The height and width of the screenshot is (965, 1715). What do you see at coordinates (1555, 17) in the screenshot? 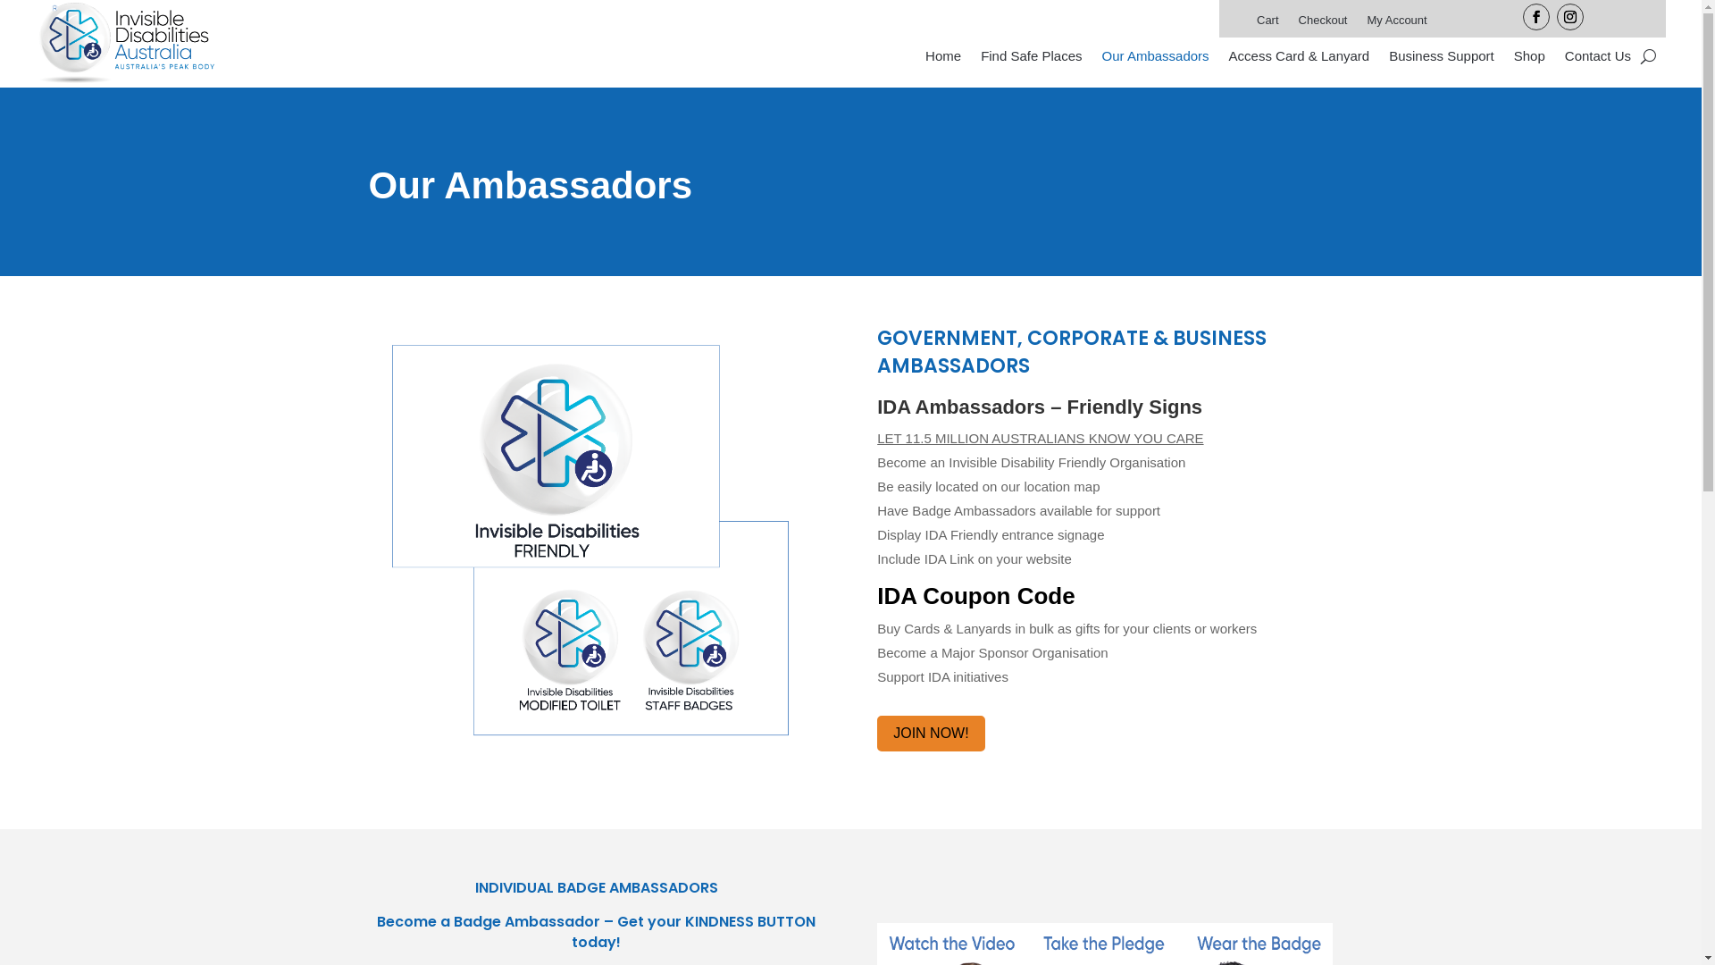
I see `'Follow on Instagram'` at bounding box center [1555, 17].